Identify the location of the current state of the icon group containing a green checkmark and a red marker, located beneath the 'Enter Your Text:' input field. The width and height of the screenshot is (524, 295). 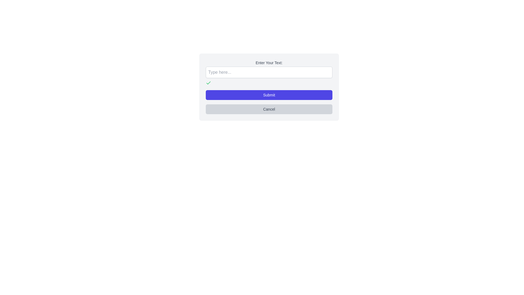
(269, 83).